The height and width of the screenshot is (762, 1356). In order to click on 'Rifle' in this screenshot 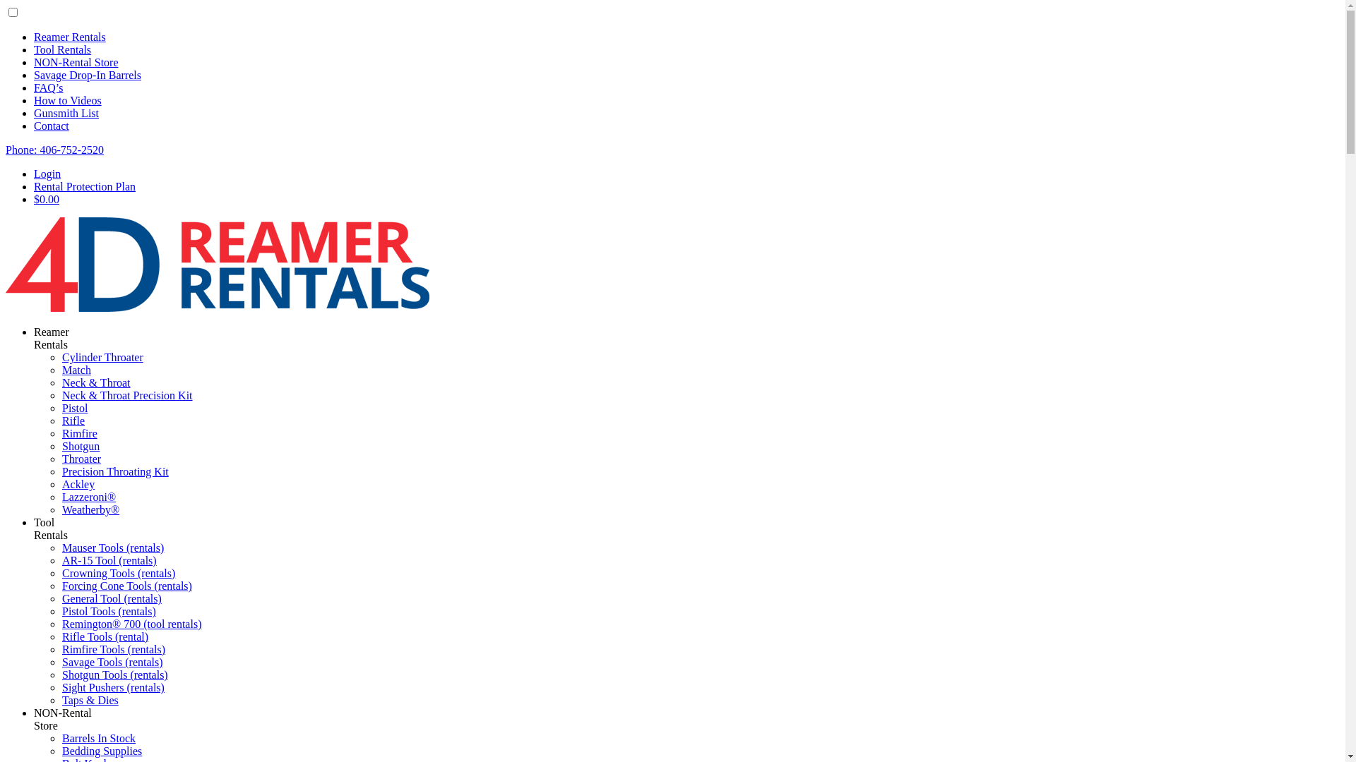, I will do `click(73, 420)`.